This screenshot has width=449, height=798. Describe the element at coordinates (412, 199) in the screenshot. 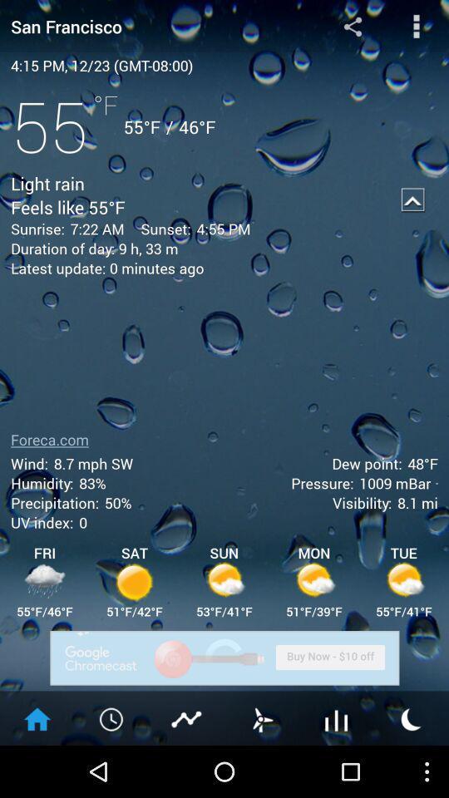

I see `app next to the 4:55 pm` at that location.